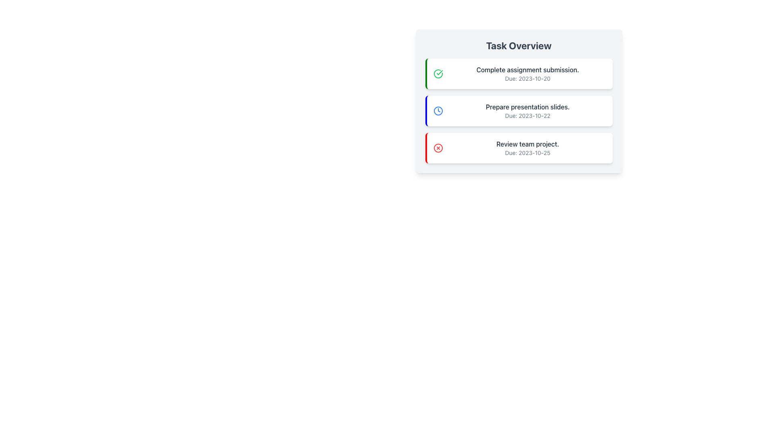  Describe the element at coordinates (528, 153) in the screenshot. I see `the text label displaying 'Due: 2023-10-25' located below the title 'Review team project.' in the 'Task Overview' card list` at that location.